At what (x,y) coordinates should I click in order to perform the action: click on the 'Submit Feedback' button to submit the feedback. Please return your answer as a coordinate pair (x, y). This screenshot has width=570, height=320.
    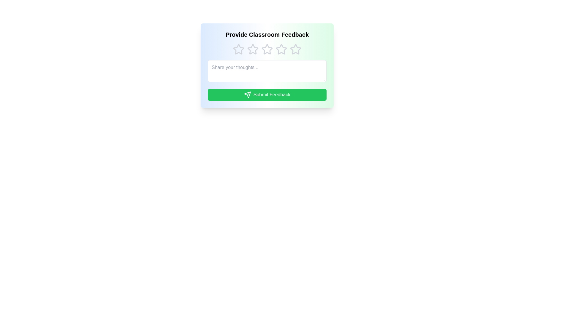
    Looking at the image, I should click on (267, 95).